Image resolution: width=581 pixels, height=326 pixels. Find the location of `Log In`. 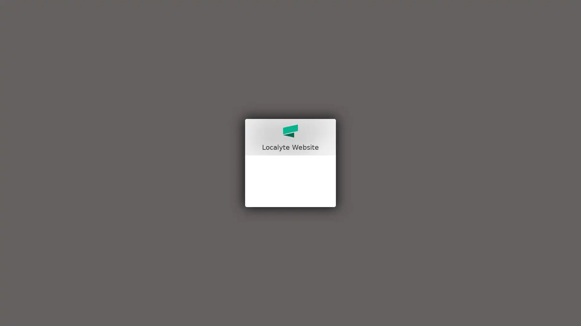

Log In is located at coordinates (290, 215).